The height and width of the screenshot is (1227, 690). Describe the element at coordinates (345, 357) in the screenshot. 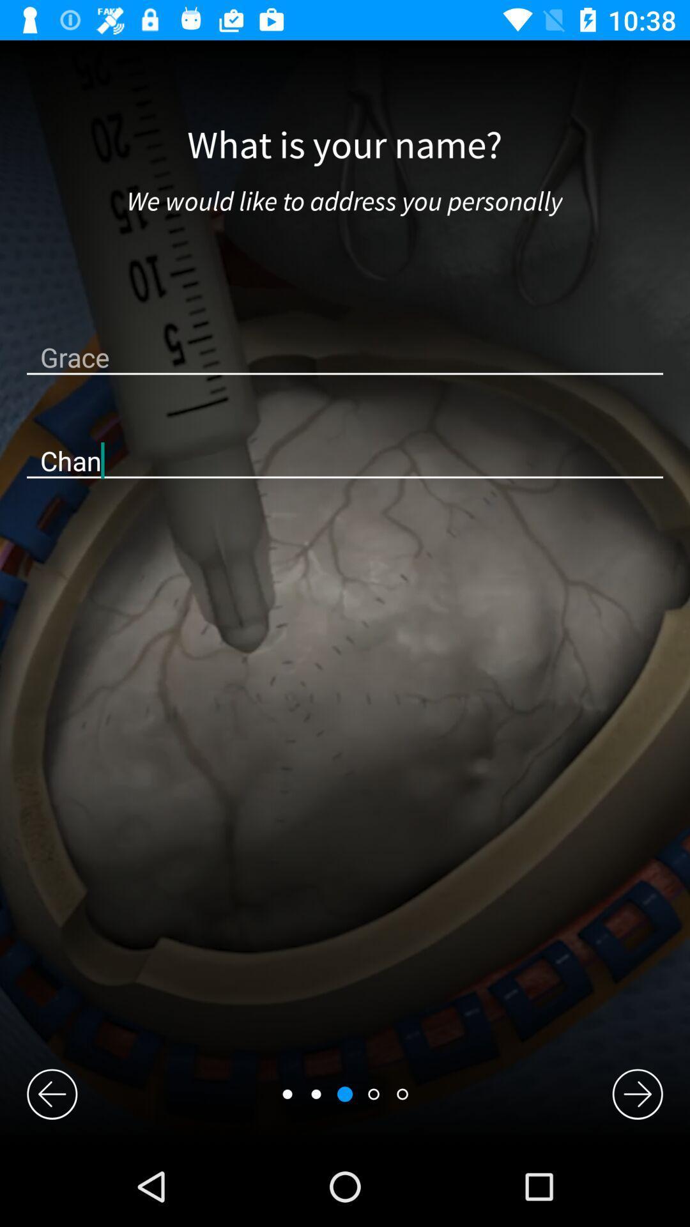

I see `icon below we would like item` at that location.